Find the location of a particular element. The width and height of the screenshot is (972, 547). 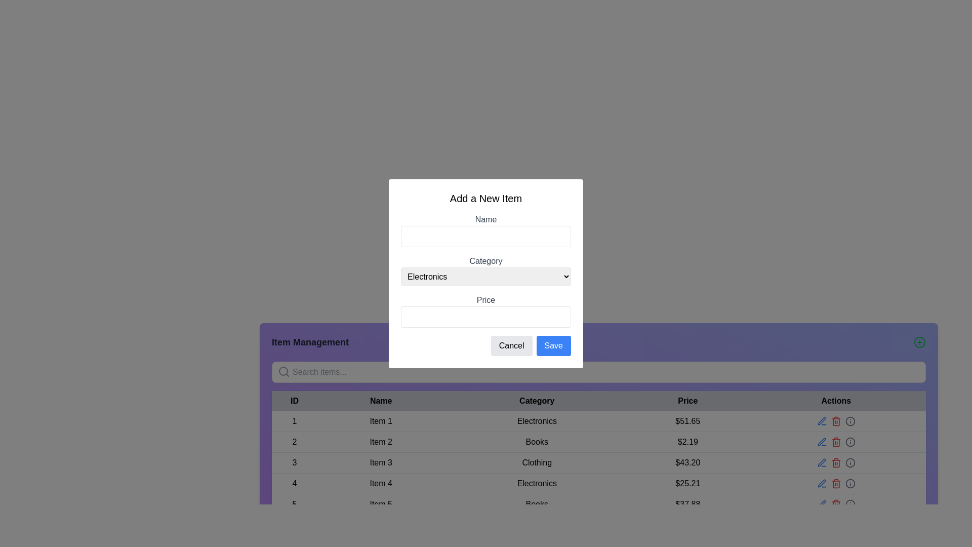

the trash bin icon is located at coordinates (836, 505).